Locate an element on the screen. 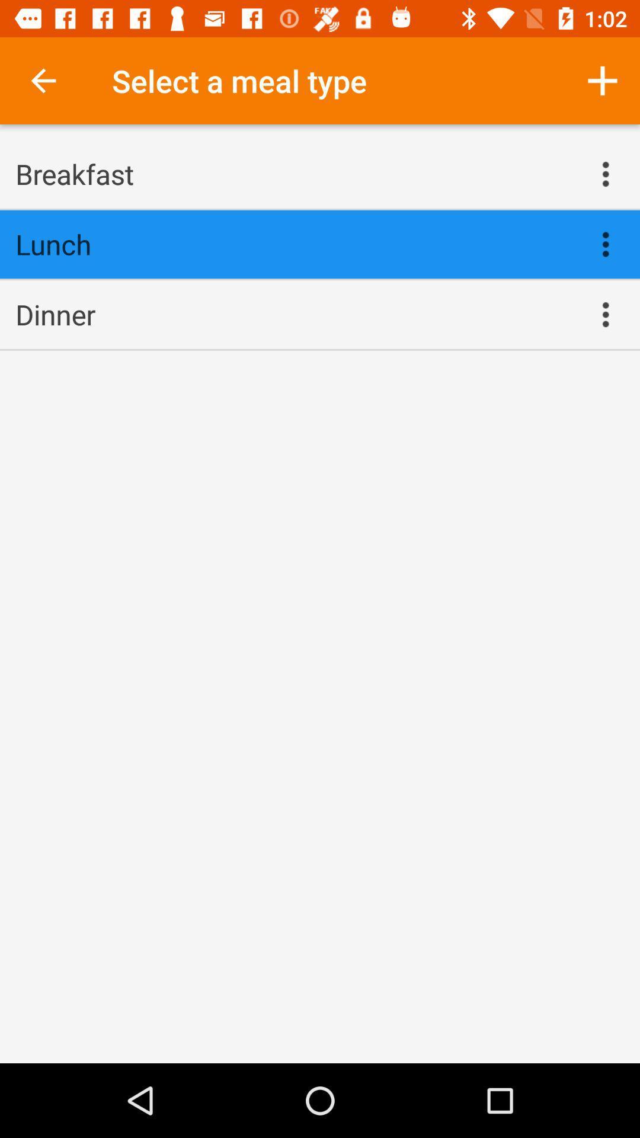  the icon to the left of the select a meal is located at coordinates (43, 80).